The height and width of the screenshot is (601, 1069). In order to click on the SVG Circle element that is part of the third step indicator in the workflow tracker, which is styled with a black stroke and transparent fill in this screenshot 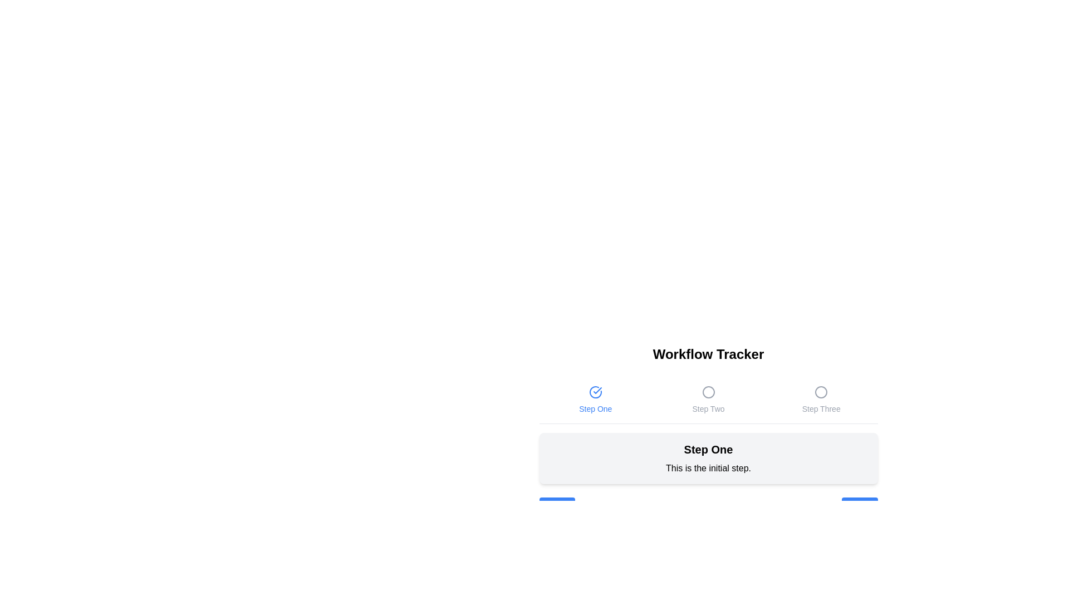, I will do `click(821, 392)`.